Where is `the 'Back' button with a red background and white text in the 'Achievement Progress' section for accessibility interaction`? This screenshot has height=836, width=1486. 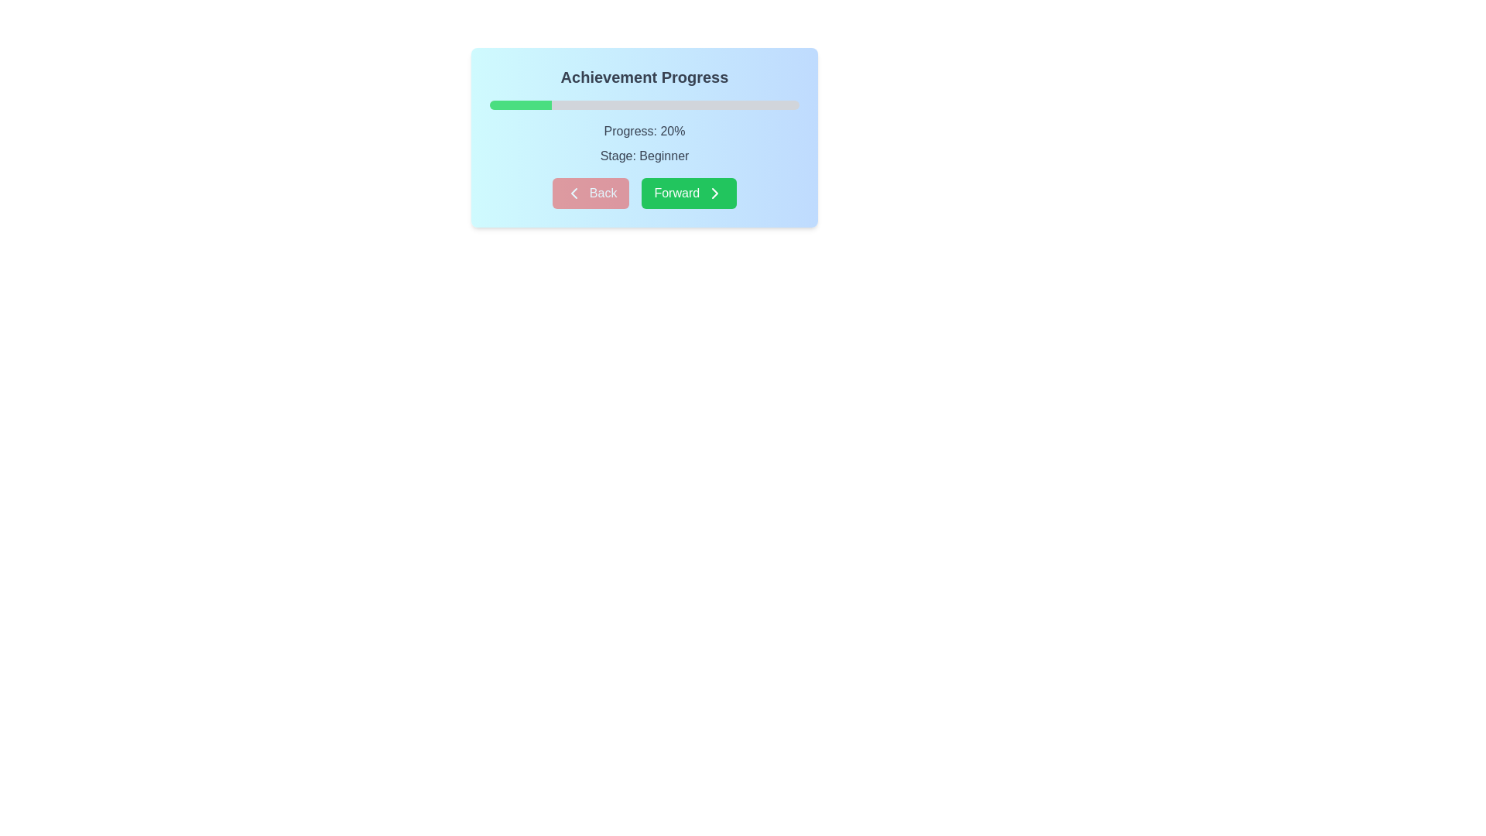 the 'Back' button with a red background and white text in the 'Achievement Progress' section for accessibility interaction is located at coordinates (590, 193).